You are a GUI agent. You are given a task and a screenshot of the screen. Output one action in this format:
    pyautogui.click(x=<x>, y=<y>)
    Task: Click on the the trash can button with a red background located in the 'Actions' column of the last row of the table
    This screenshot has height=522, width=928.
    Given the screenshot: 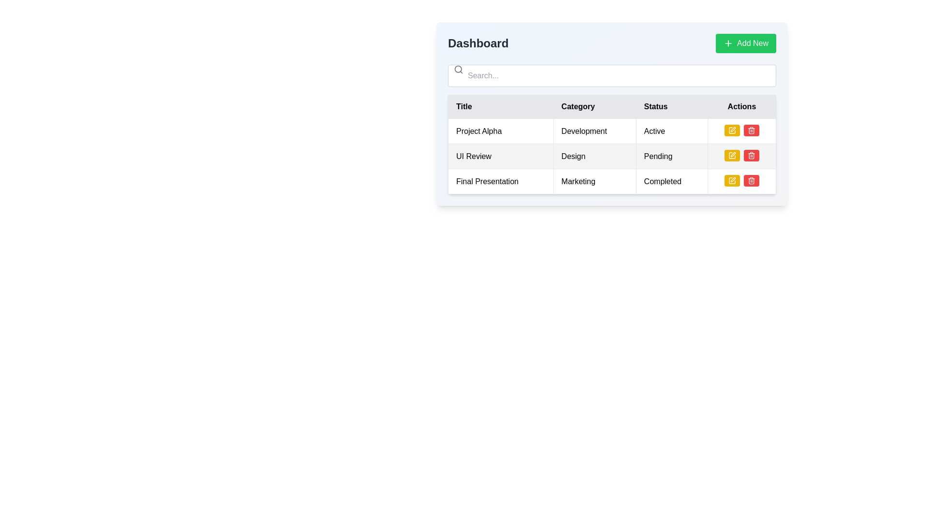 What is the action you would take?
    pyautogui.click(x=751, y=130)
    